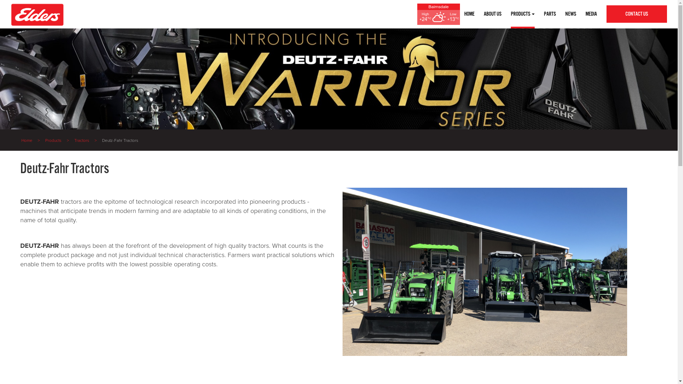  What do you see at coordinates (84, 140) in the screenshot?
I see `'Tractors'` at bounding box center [84, 140].